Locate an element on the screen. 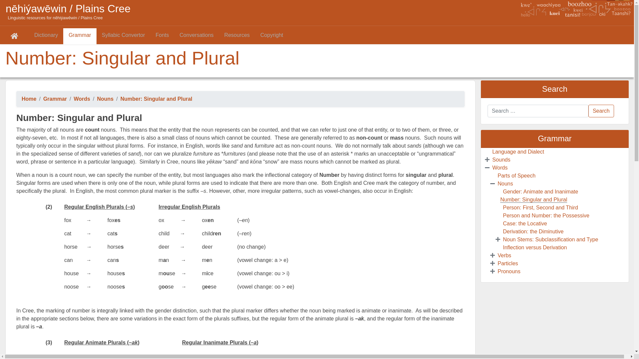 The width and height of the screenshot is (639, 359). 'Person and Number: the Possessive' is located at coordinates (546, 215).